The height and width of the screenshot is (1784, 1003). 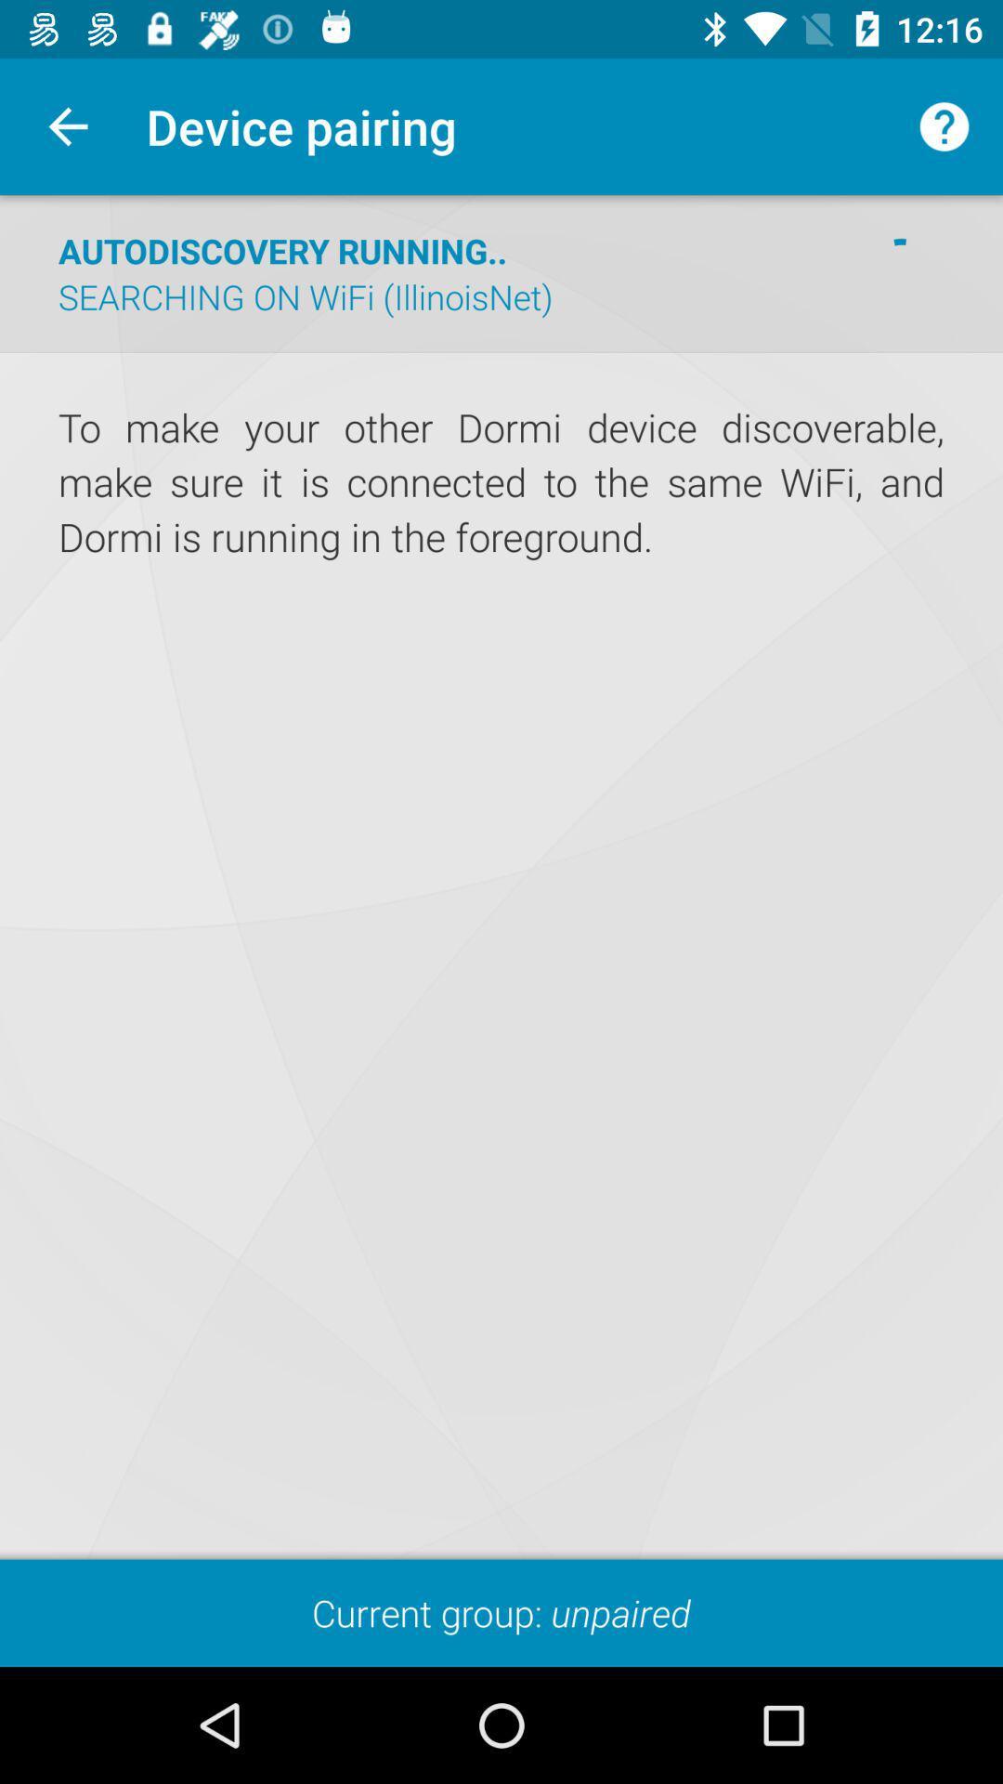 I want to click on searching on wifi icon, so click(x=305, y=295).